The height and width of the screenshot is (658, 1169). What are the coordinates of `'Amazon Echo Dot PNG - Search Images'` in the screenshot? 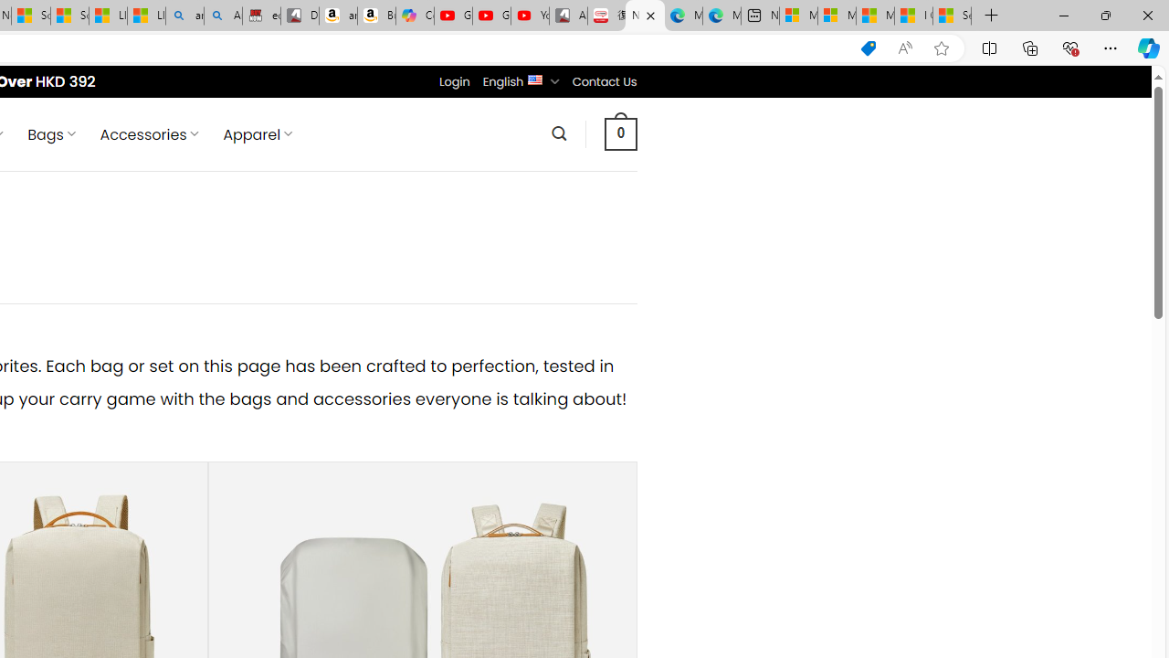 It's located at (222, 16).